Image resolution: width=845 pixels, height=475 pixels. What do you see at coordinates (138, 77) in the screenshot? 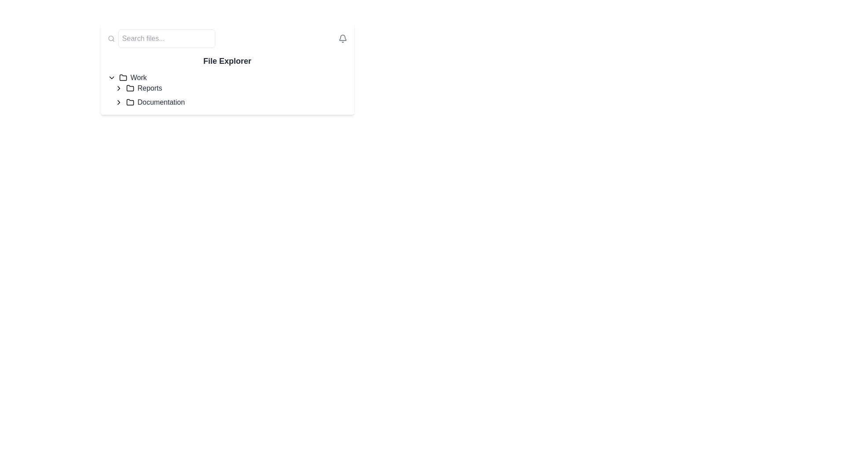
I see `the text content of the Text Label displaying 'Work', located in the top-left portion of the interface beside a folder icon` at bounding box center [138, 77].